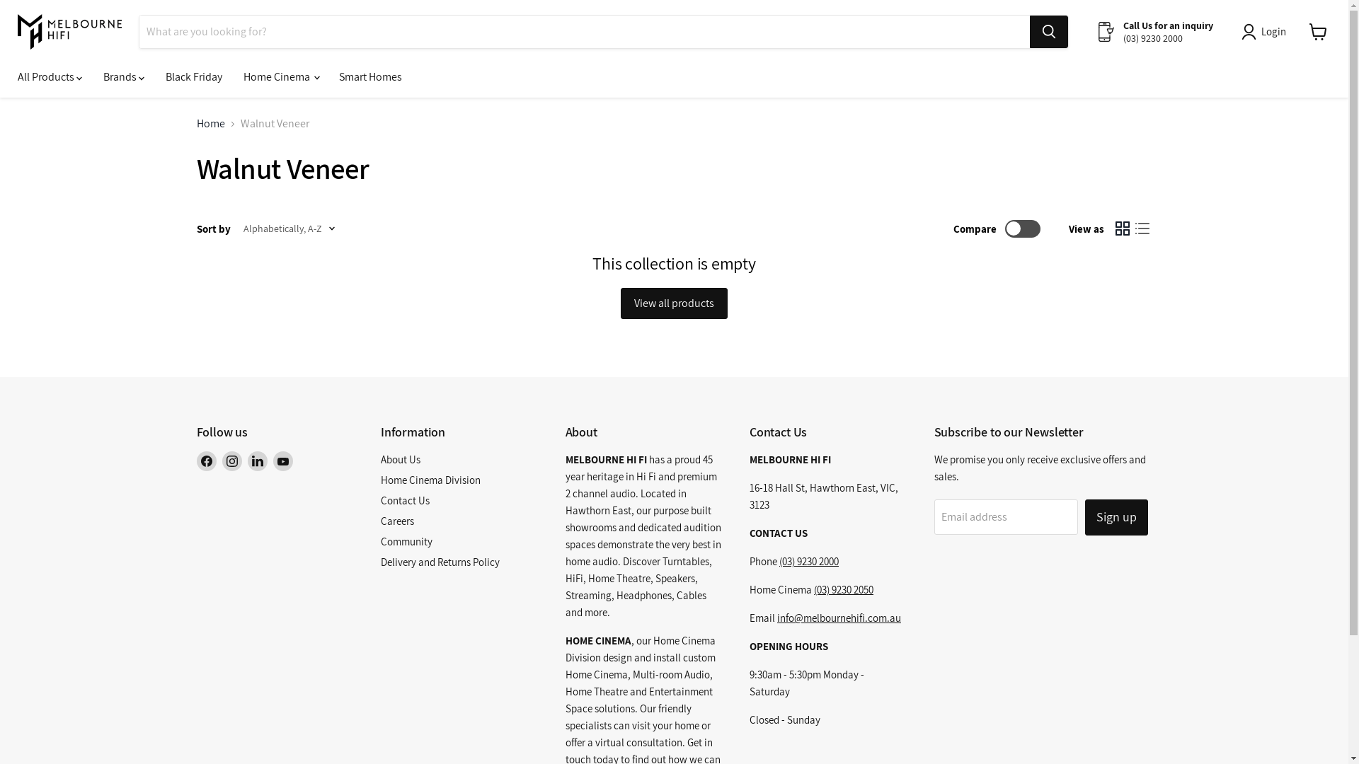  Describe the element at coordinates (843, 589) in the screenshot. I see `'(03) 9230 2050'` at that location.